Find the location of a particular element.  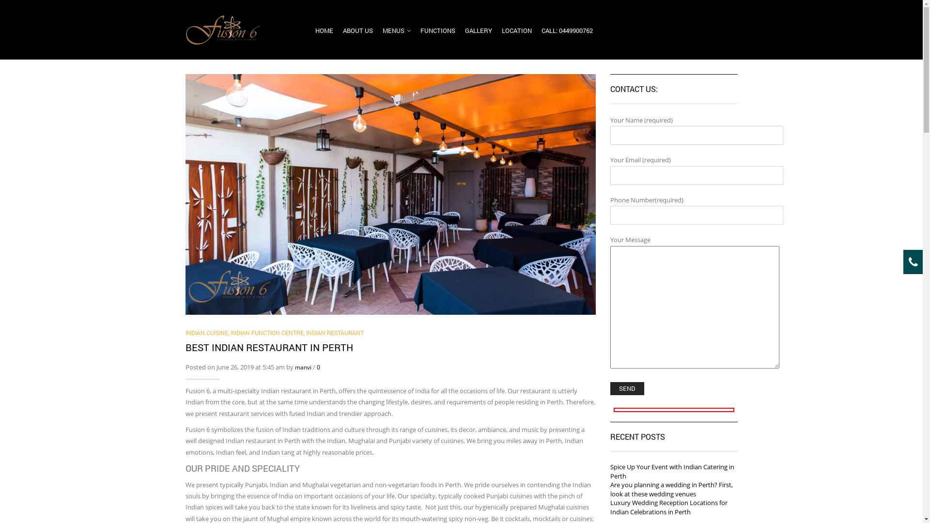

'Spice Up Your Event with Indian Catering in Perth' is located at coordinates (671, 471).